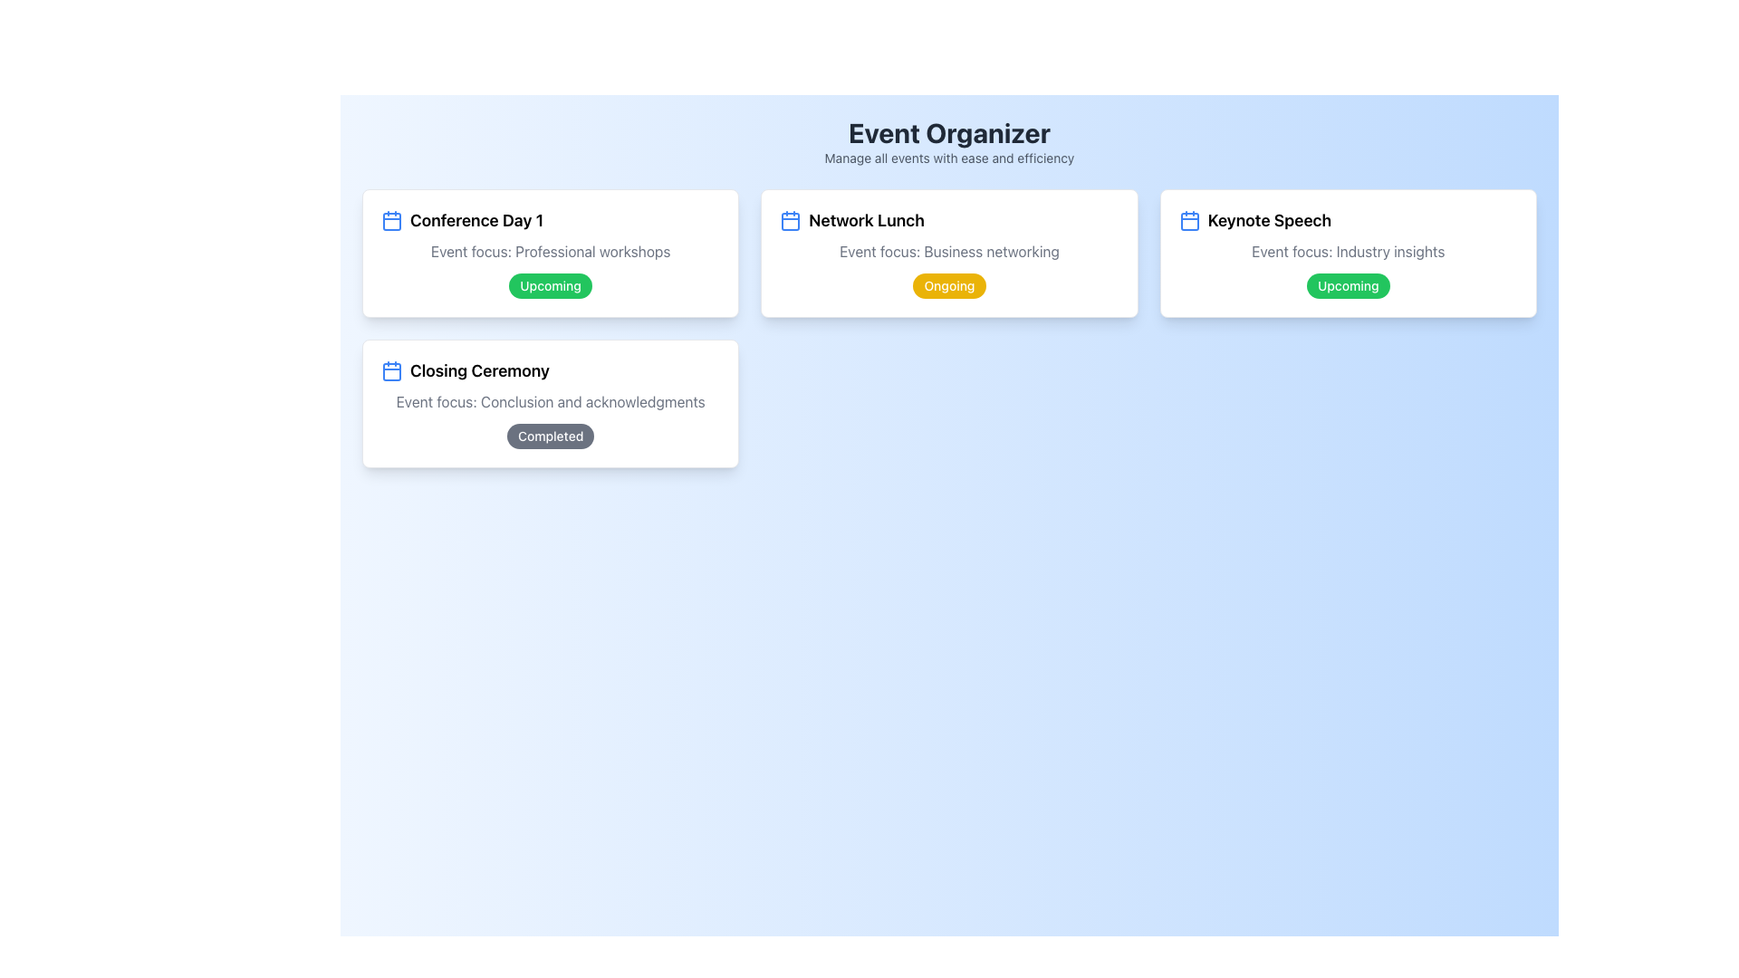 The width and height of the screenshot is (1739, 978). What do you see at coordinates (1268, 219) in the screenshot?
I see `the text label that serves as the title or heading for the event described within the card, positioned to the right of the calendar icon in the third column of the grid layout` at bounding box center [1268, 219].